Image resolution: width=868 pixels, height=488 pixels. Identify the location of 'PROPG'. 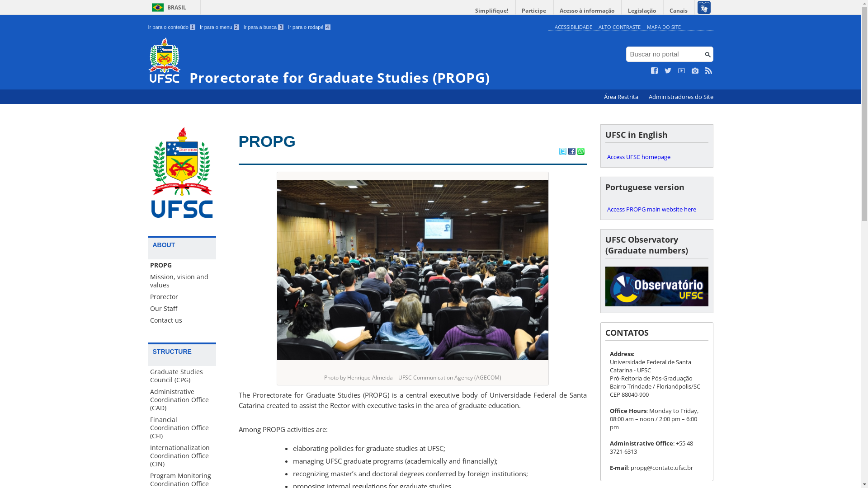
(182, 264).